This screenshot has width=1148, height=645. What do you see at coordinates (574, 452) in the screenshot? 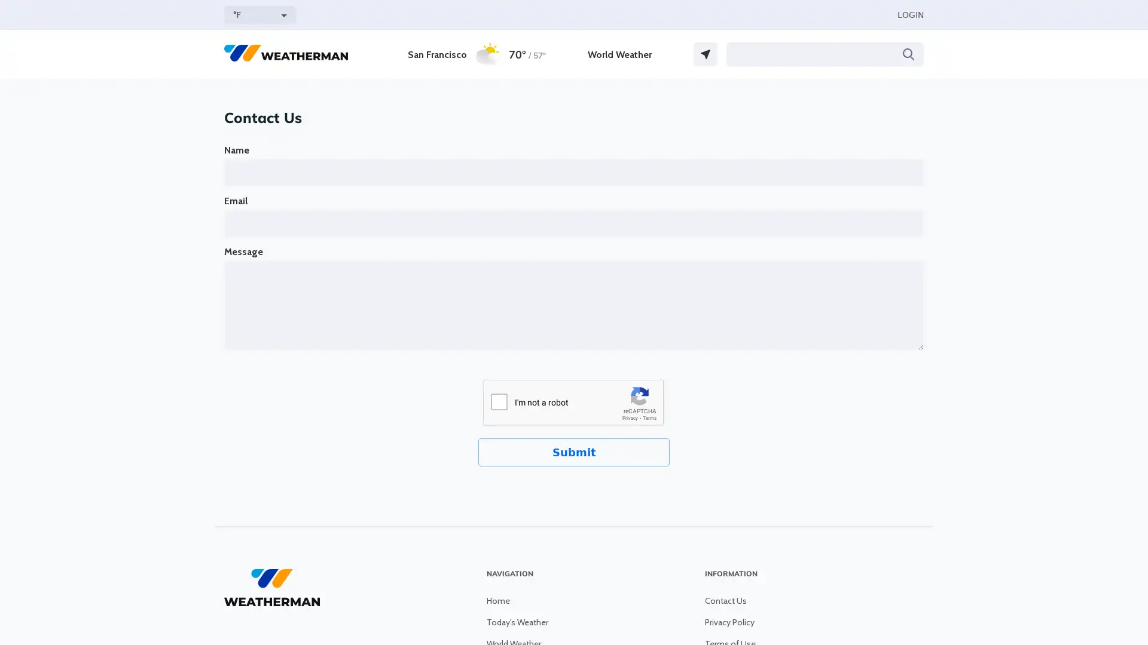
I see `Submit` at bounding box center [574, 452].